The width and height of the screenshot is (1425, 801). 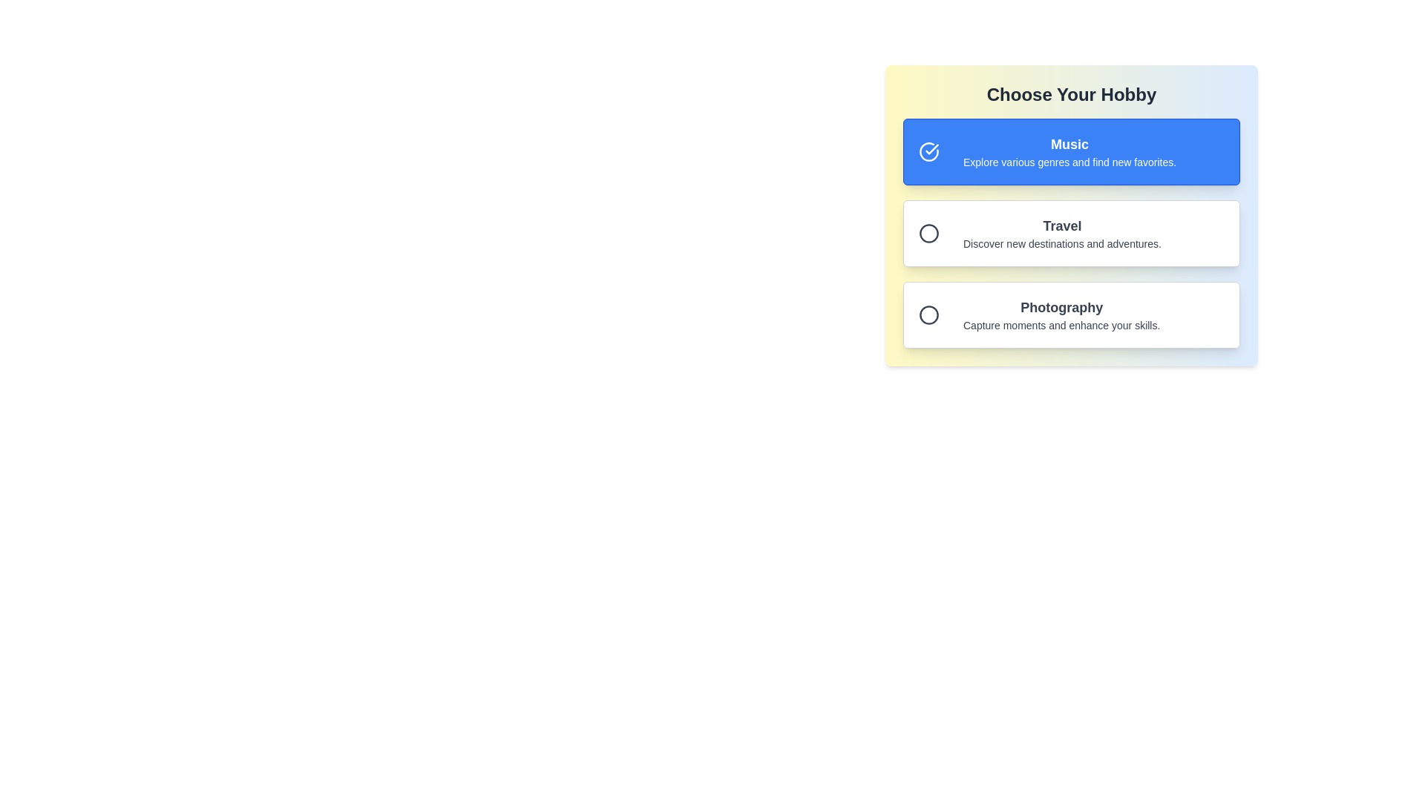 What do you see at coordinates (1061, 243) in the screenshot?
I see `the text label displaying 'Discover new destinations and adventures.' which is positioned below the 'Travel' heading in the vertically stacked layout` at bounding box center [1061, 243].